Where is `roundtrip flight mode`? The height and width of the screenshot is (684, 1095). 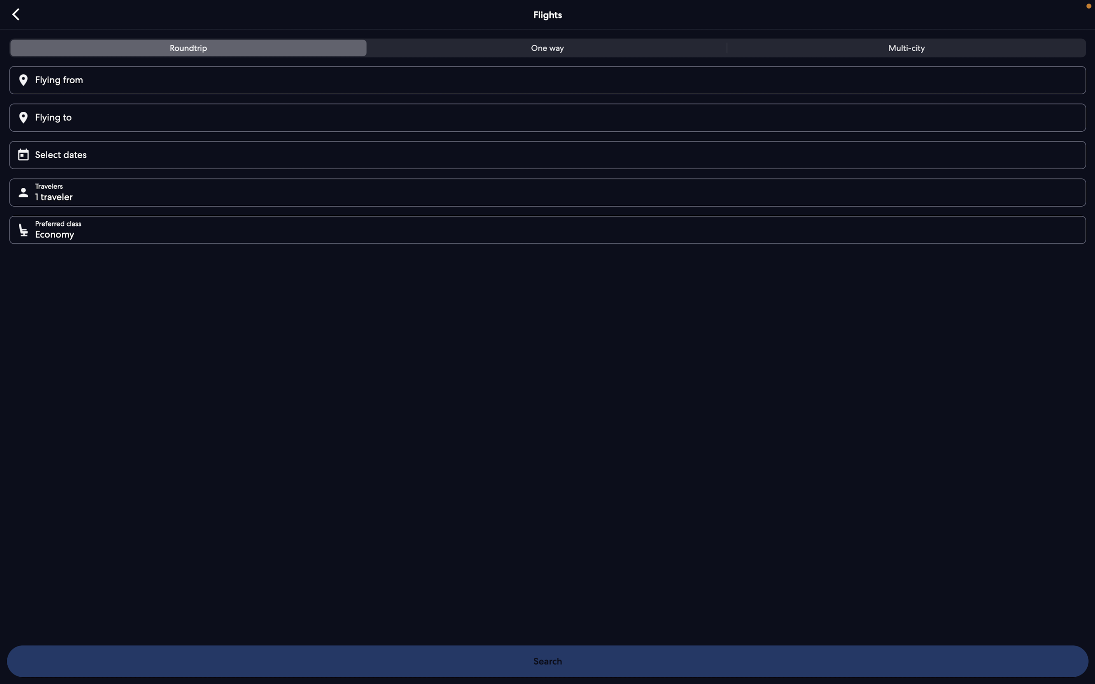
roundtrip flight mode is located at coordinates (189, 48).